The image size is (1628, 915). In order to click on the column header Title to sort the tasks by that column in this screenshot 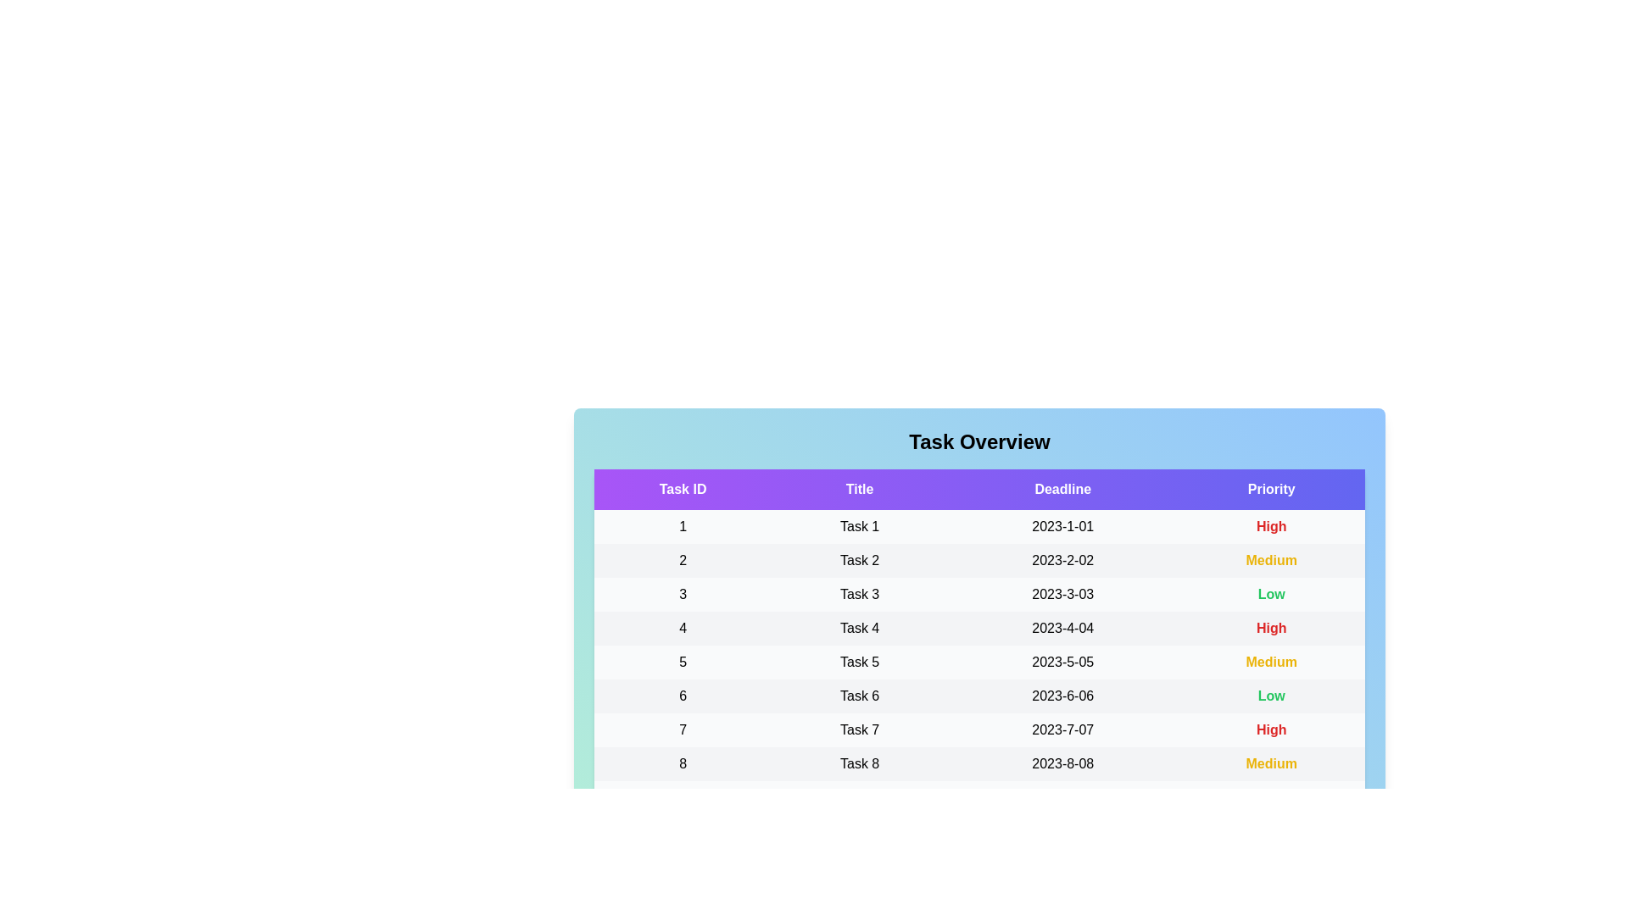, I will do `click(860, 490)`.